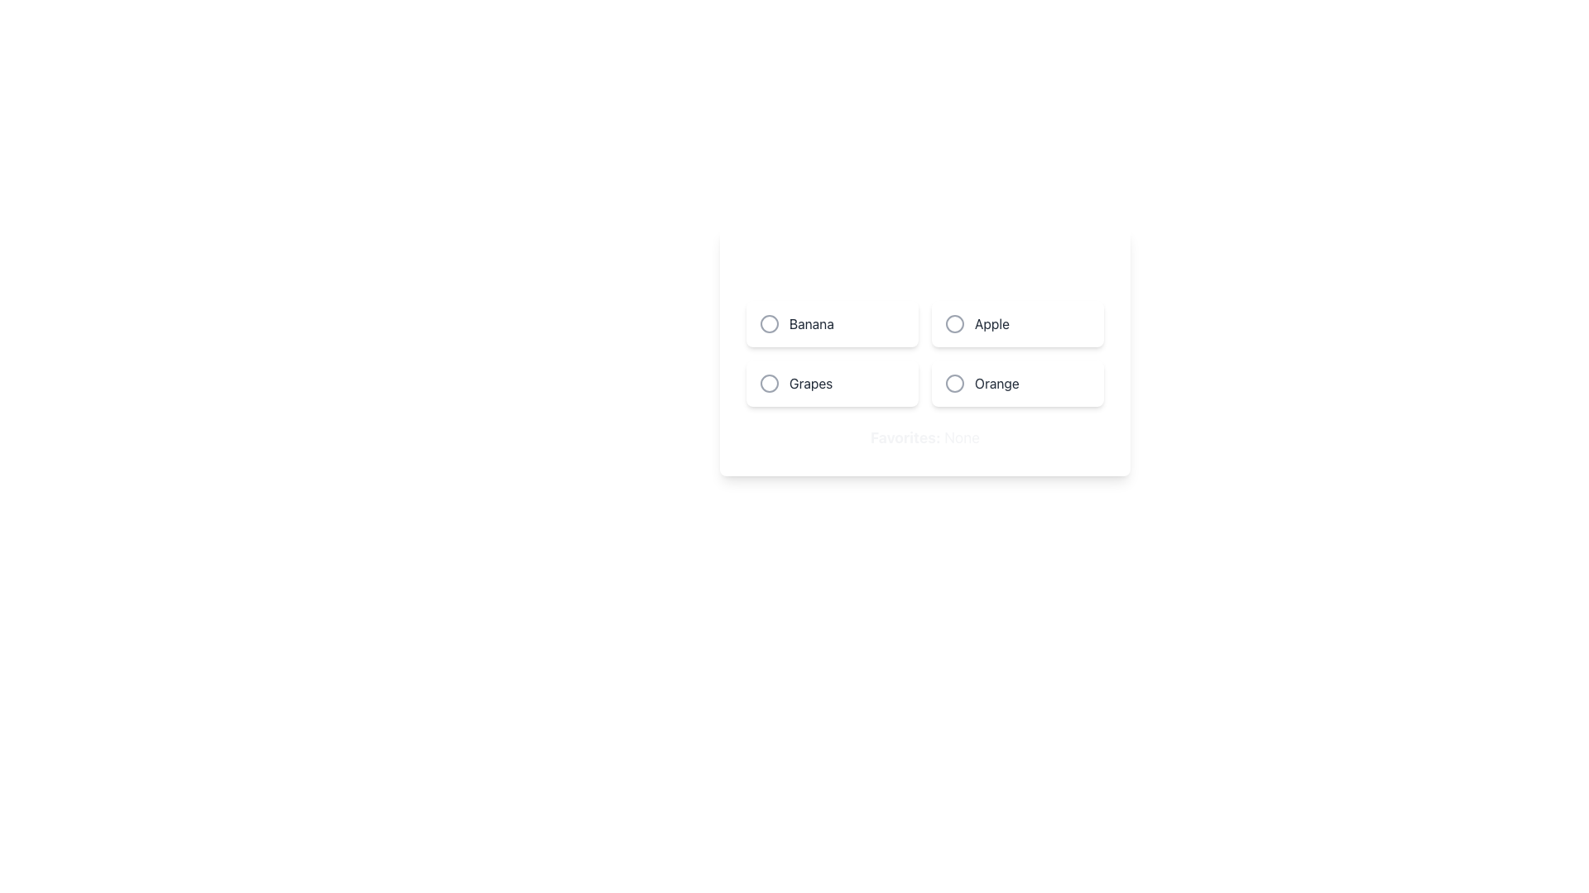  I want to click on the Radio button indicator for 'Orange', so click(954, 383).